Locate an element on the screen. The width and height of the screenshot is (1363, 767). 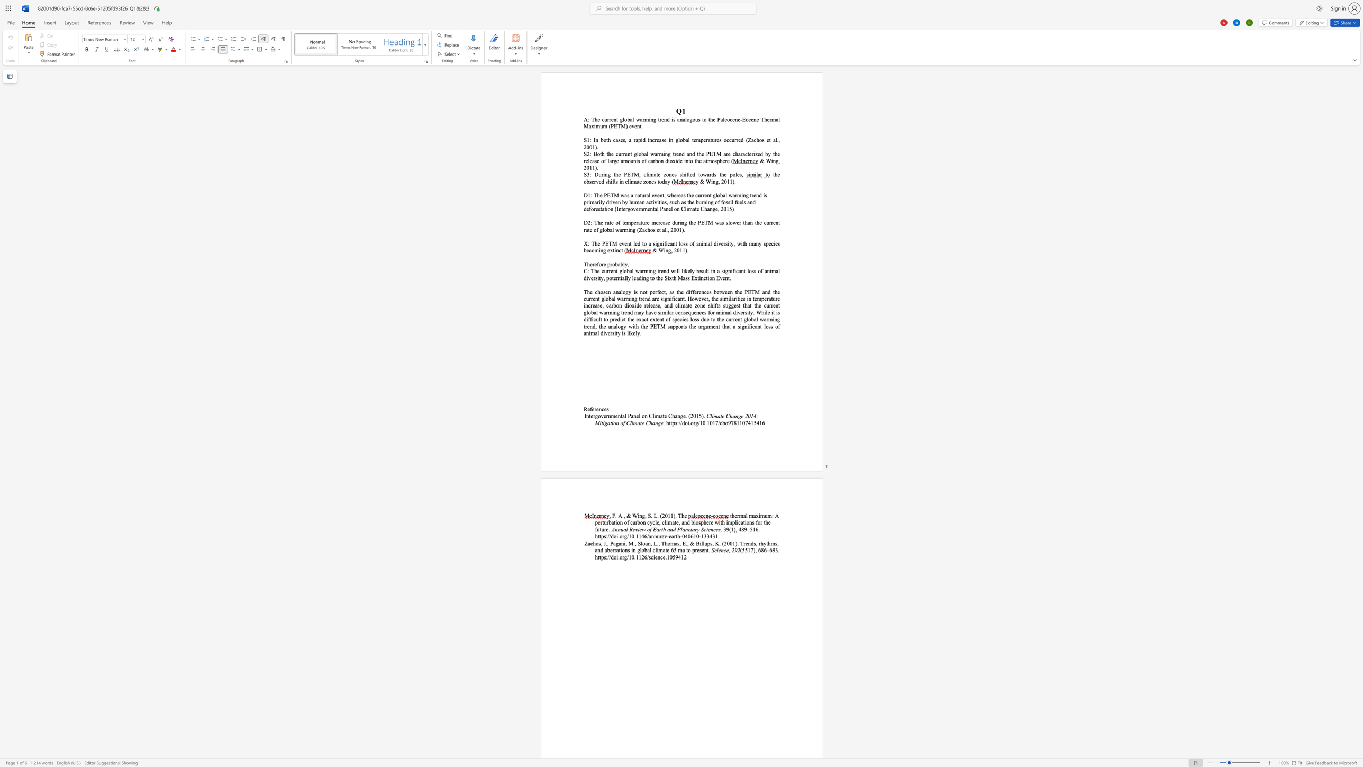
the space between the continuous character "A" and "." in the text is located at coordinates (621, 516).